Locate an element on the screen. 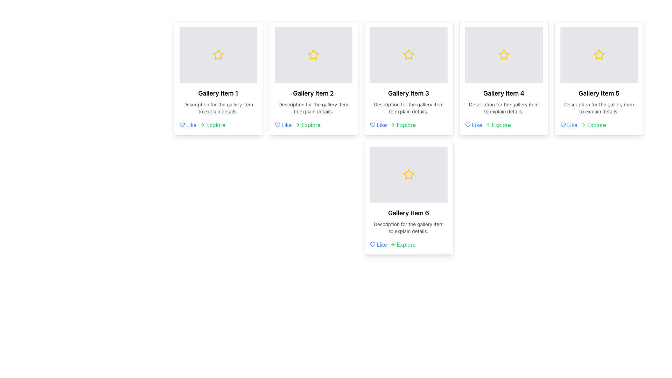 This screenshot has height=378, width=672. the heart icon located to the left of the text 'Like' in the action section of the card labeled 'Gallery Item 3' to like the item is located at coordinates (372, 125).